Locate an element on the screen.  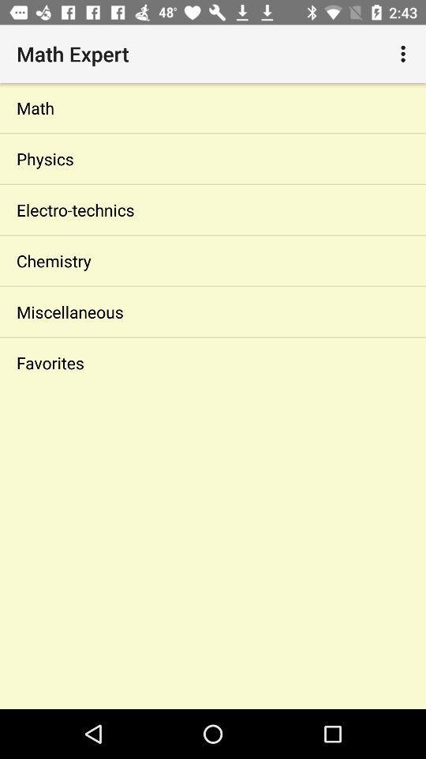
physics is located at coordinates (213, 159).